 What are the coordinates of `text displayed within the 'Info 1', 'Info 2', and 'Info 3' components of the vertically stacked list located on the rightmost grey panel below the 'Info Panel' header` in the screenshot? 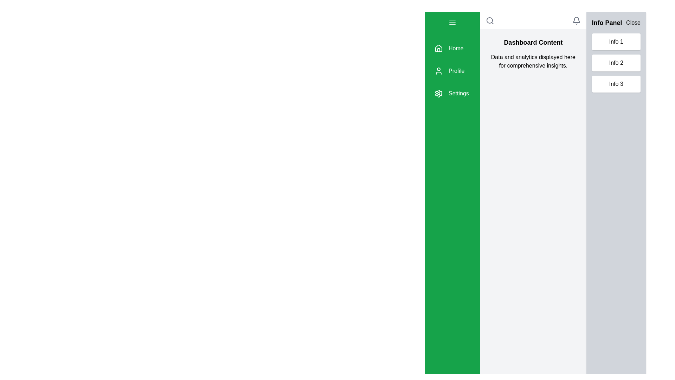 It's located at (616, 62).